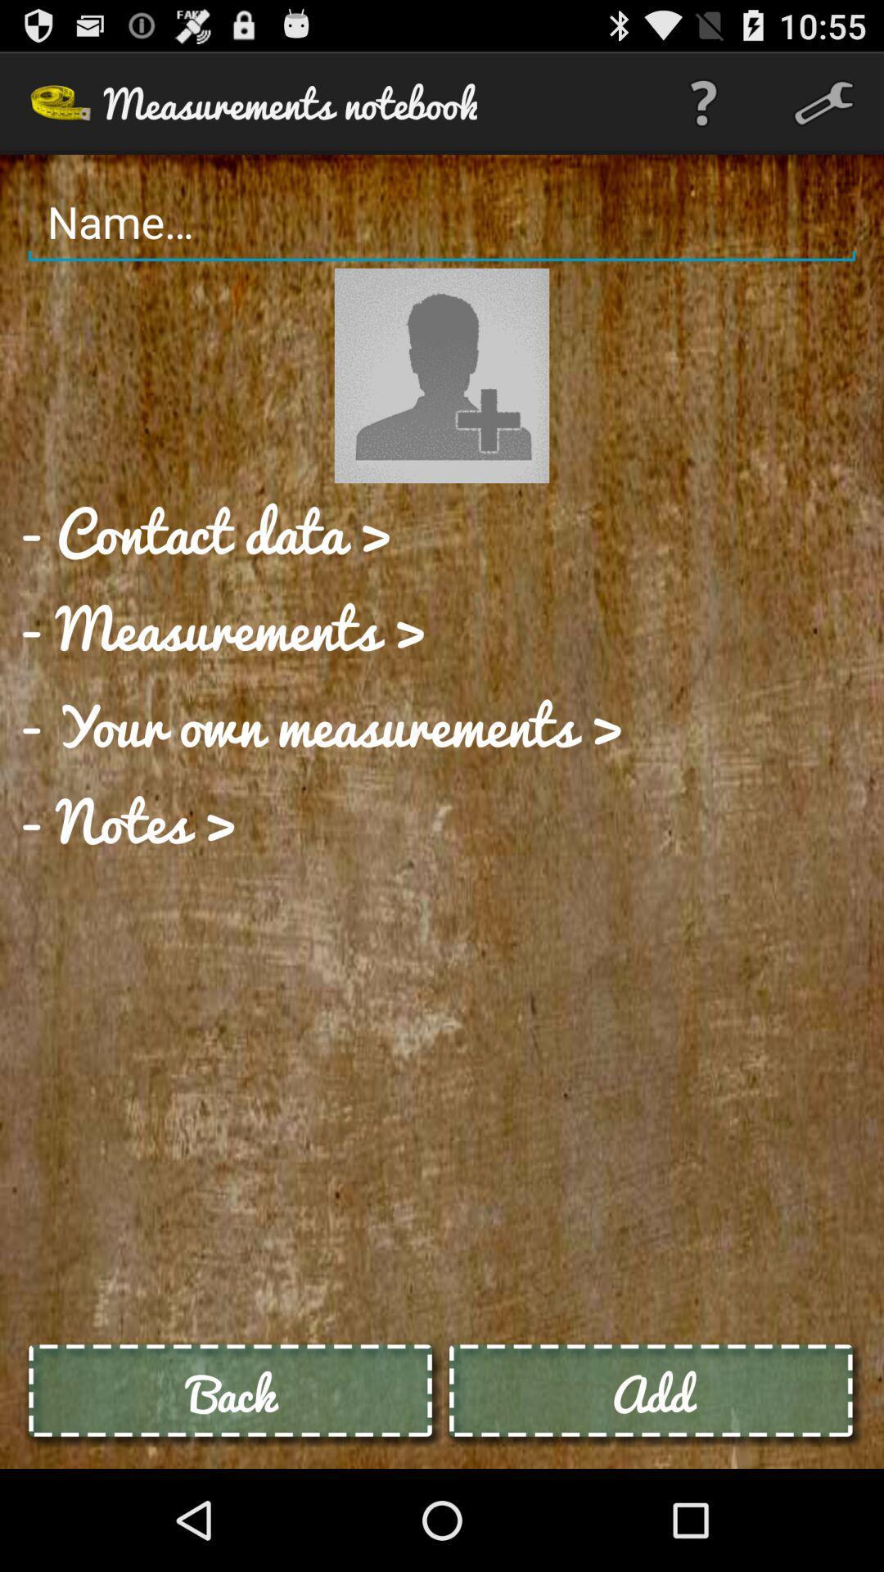 This screenshot has width=884, height=1572. Describe the element at coordinates (651, 1393) in the screenshot. I see `the add item` at that location.